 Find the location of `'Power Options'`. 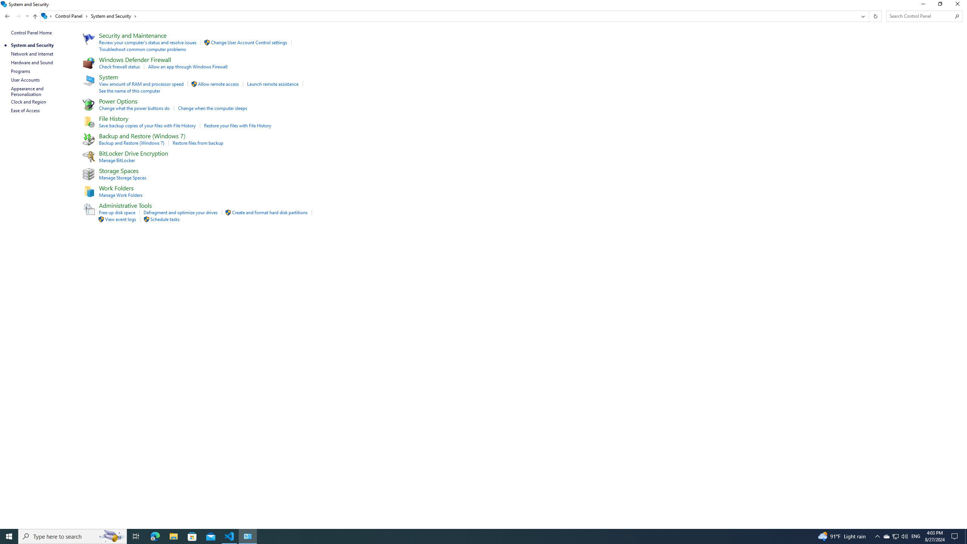

'Power Options' is located at coordinates (118, 101).